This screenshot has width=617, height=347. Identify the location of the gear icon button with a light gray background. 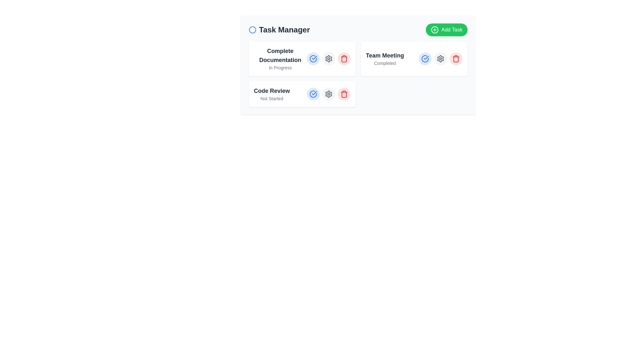
(440, 58).